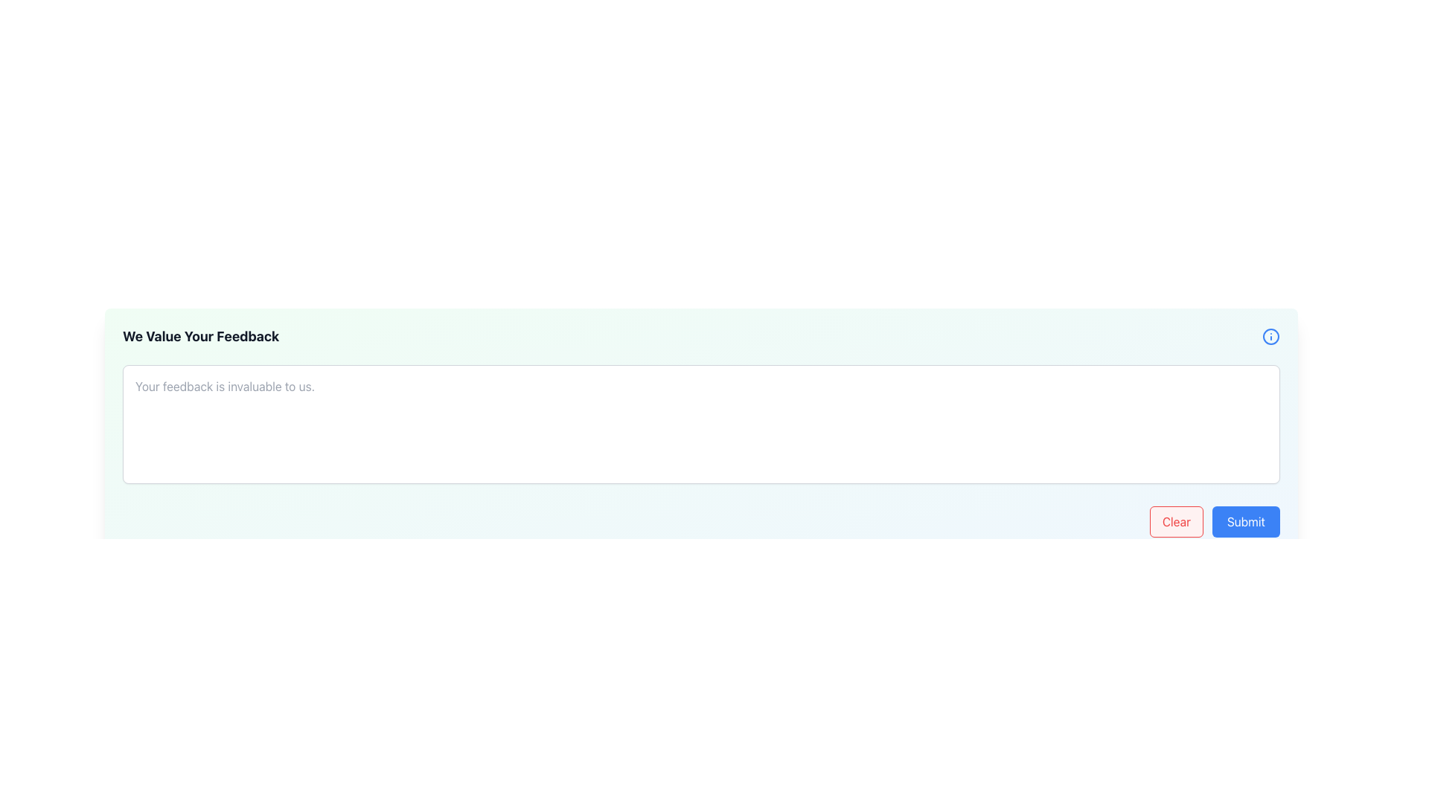 The height and width of the screenshot is (803, 1429). What do you see at coordinates (1270, 336) in the screenshot?
I see `the circular blue outlined information icon located at the top-right corner of the feedback form panel` at bounding box center [1270, 336].